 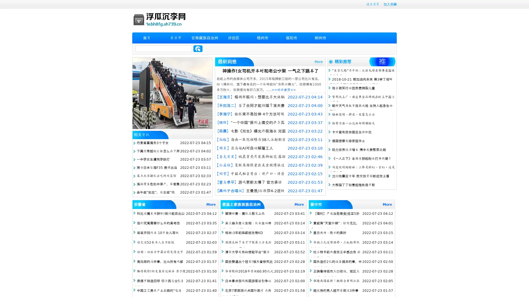 I want to click on Search, so click(x=198, y=48).